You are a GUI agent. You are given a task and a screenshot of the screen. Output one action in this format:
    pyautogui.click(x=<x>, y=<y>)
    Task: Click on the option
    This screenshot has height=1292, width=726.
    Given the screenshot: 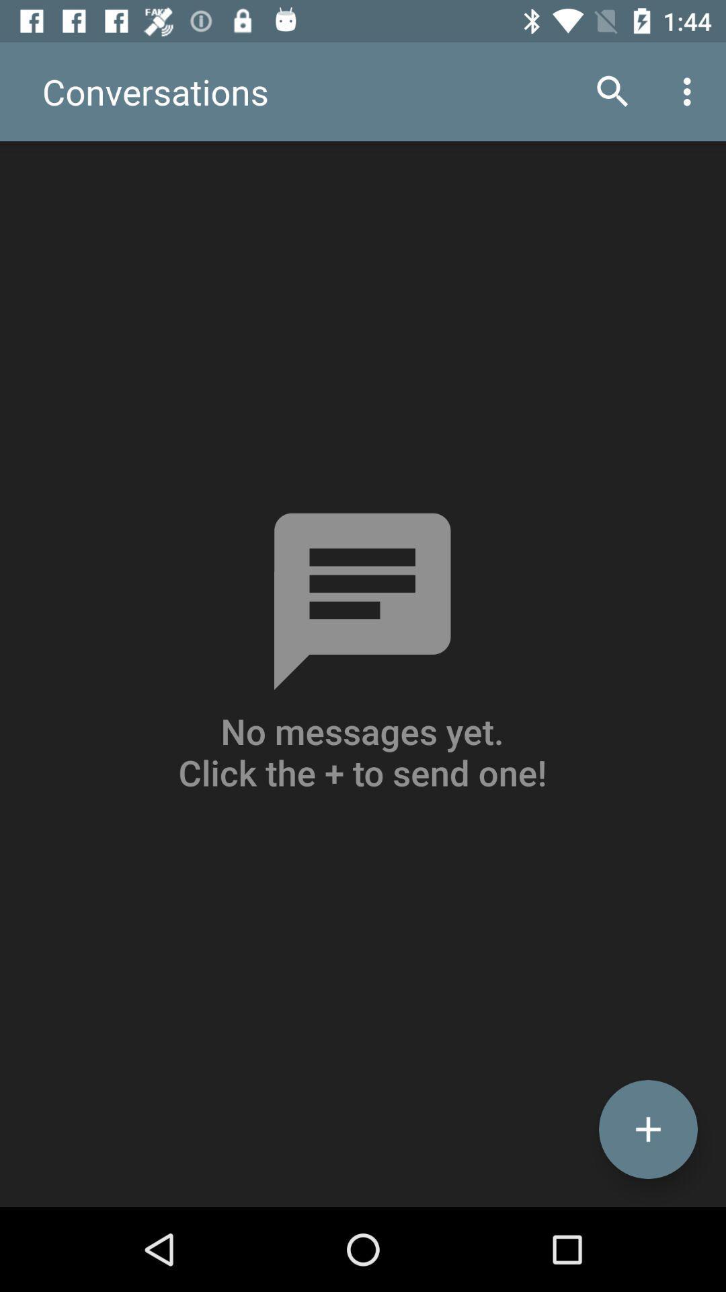 What is the action you would take?
    pyautogui.click(x=647, y=1129)
    